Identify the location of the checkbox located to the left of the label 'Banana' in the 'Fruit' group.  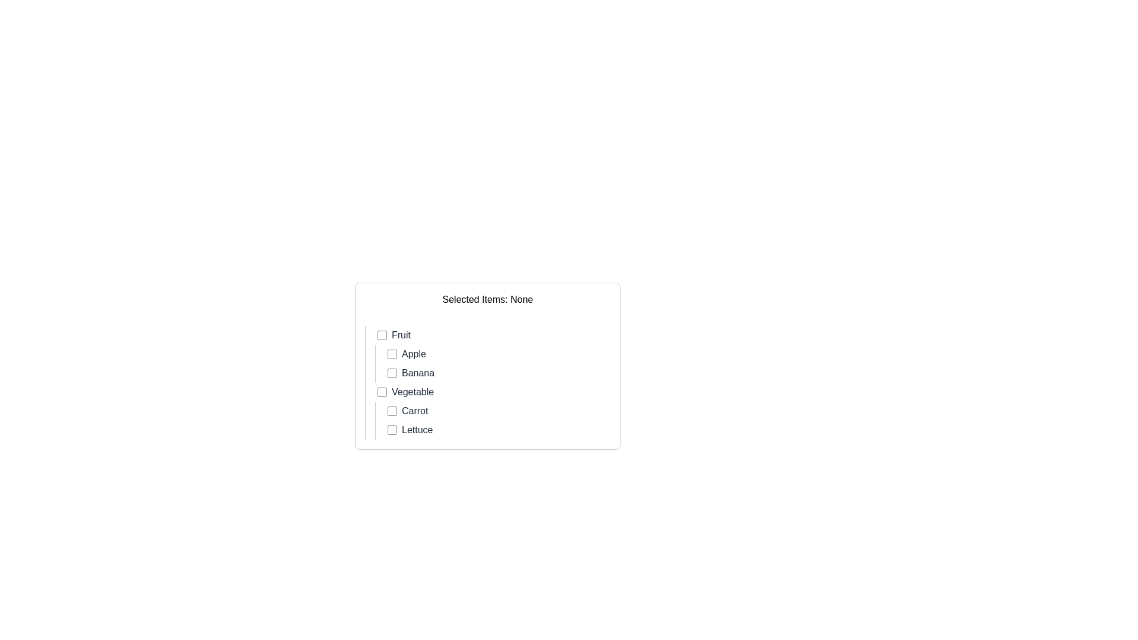
(392, 372).